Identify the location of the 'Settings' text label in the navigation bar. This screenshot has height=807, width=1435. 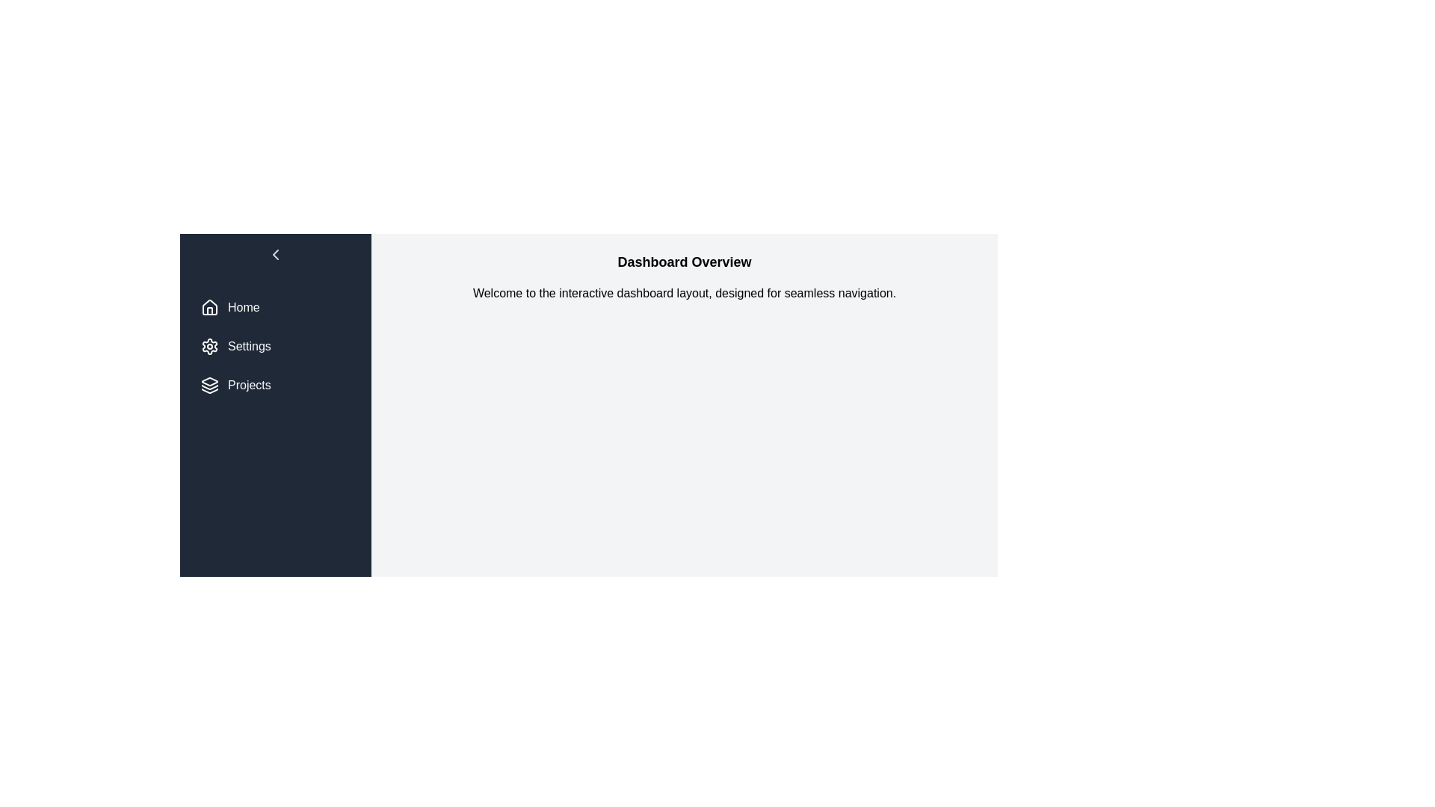
(249, 346).